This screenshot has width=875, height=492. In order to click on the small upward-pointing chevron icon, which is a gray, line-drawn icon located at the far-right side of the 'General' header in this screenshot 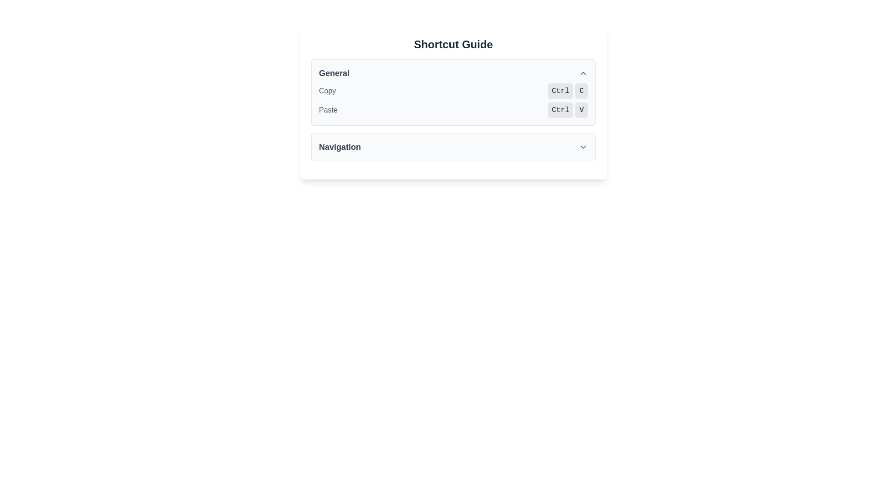, I will do `click(583, 73)`.